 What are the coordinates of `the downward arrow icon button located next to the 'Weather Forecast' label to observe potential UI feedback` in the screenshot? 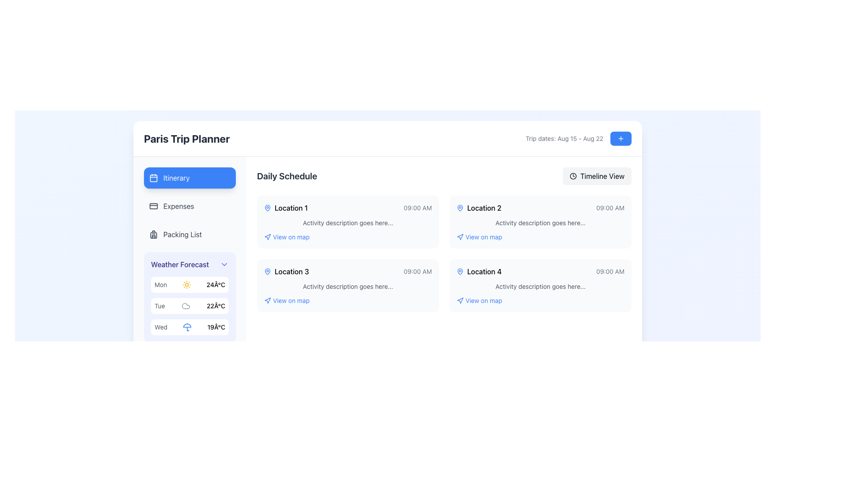 It's located at (224, 264).